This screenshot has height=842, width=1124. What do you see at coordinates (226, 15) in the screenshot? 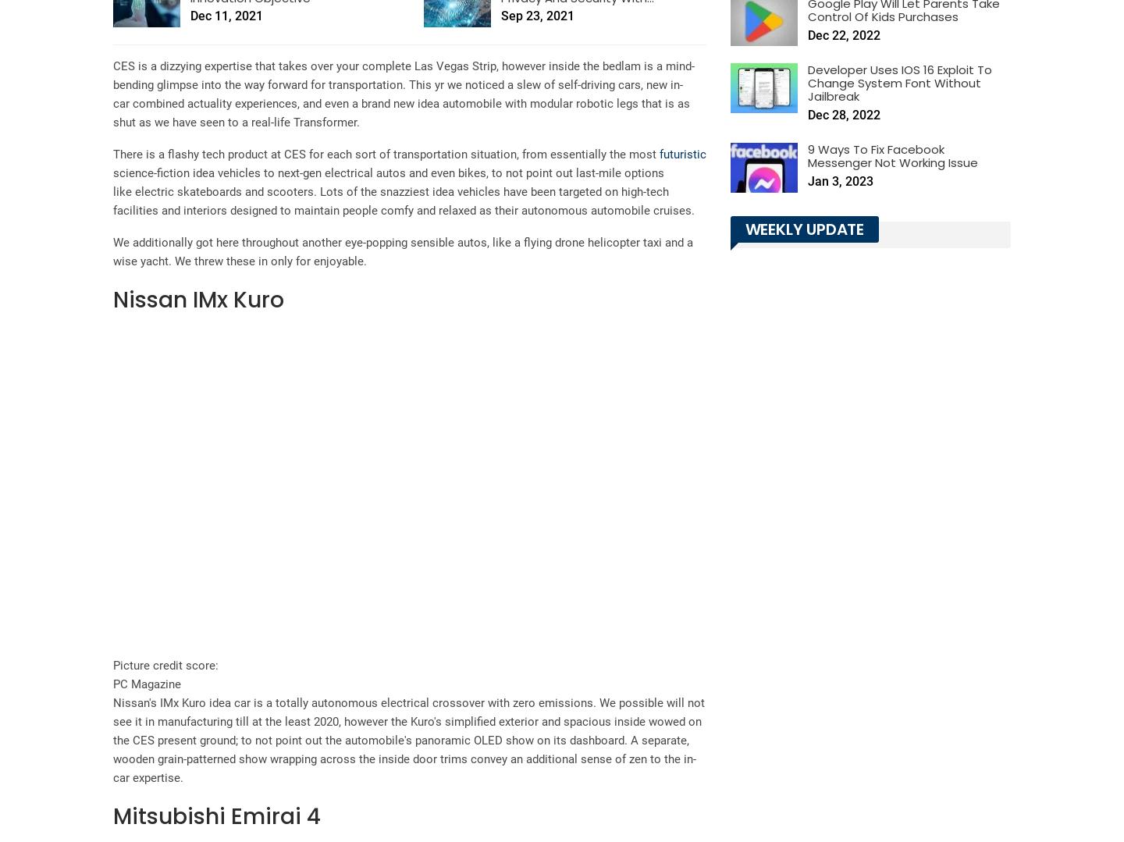
I see `'Dec 11, 2021'` at bounding box center [226, 15].